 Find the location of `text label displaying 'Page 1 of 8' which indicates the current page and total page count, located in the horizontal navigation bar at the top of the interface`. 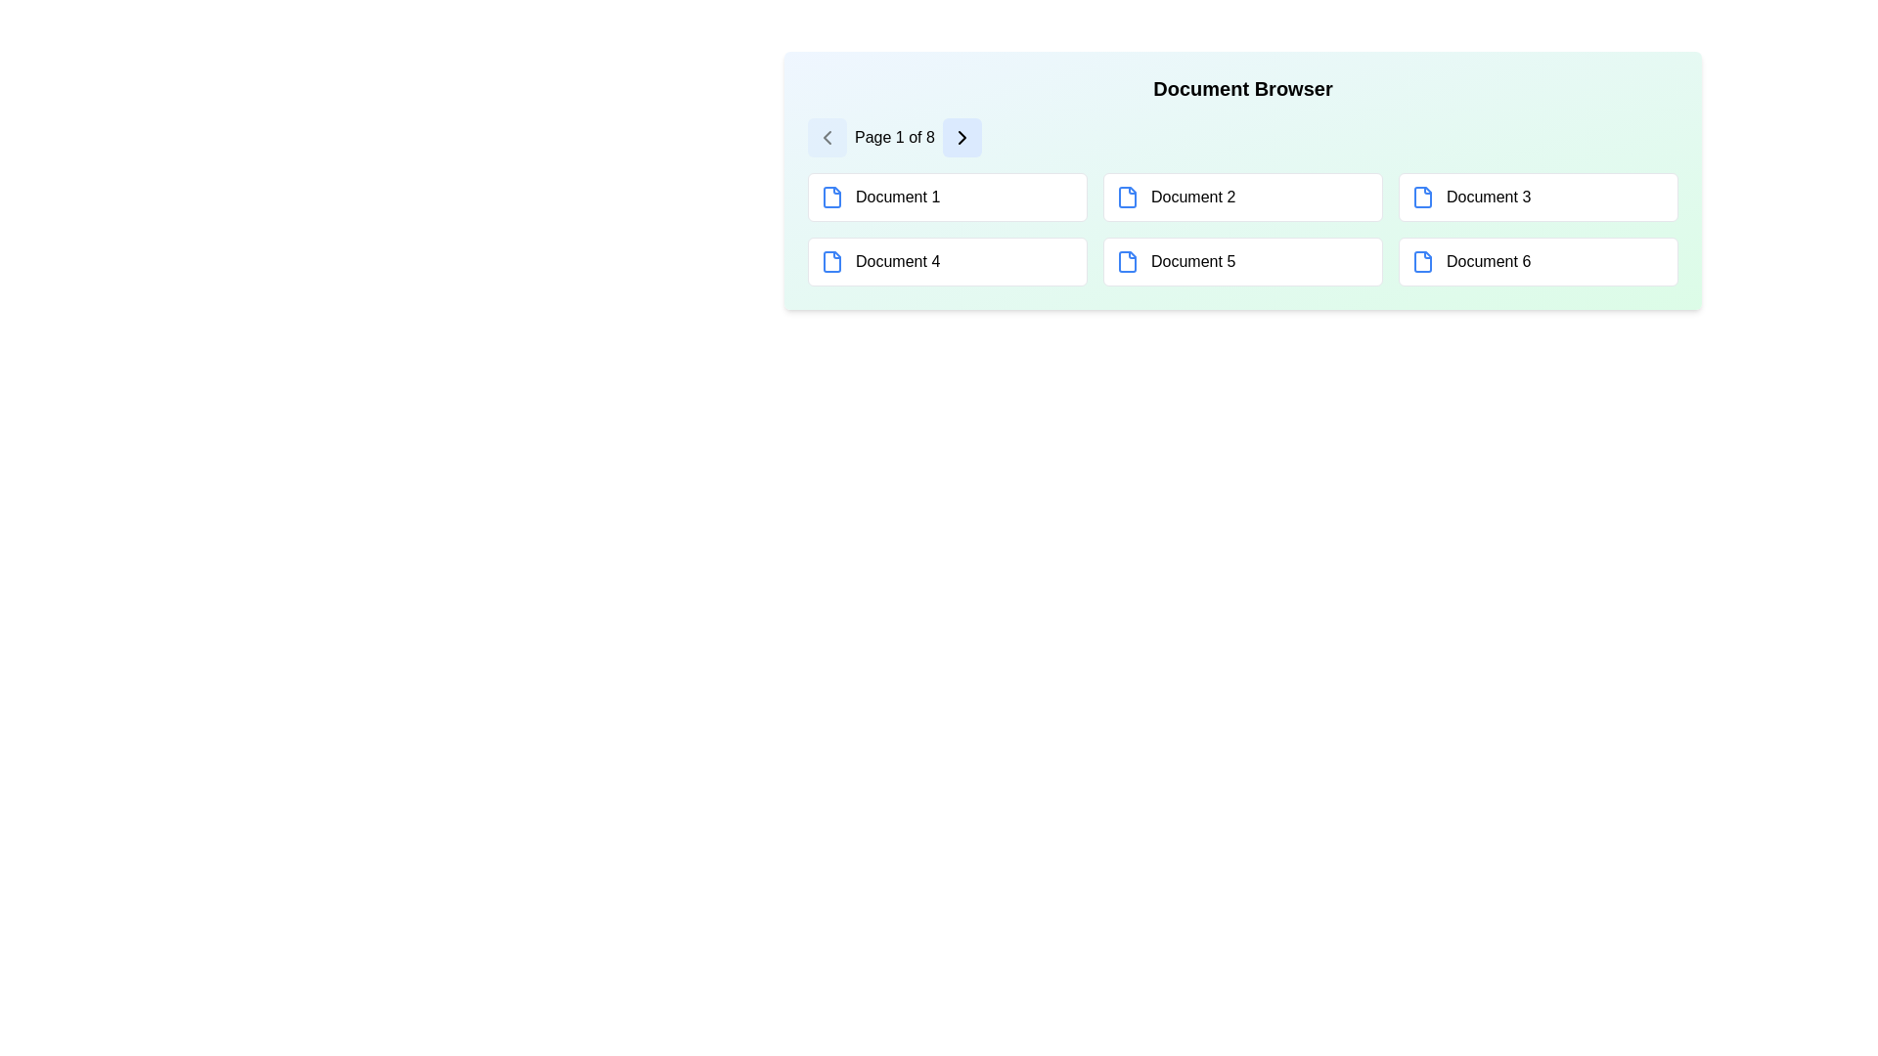

text label displaying 'Page 1 of 8' which indicates the current page and total page count, located in the horizontal navigation bar at the top of the interface is located at coordinates (893, 137).